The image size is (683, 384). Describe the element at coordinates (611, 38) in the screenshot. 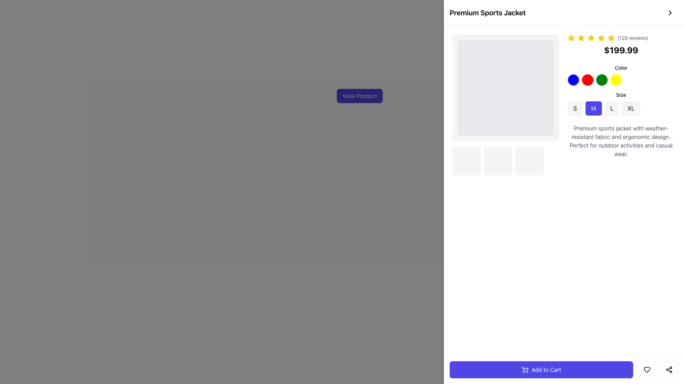

I see `the fifth yellow star icon, which represents the highest rating in a five-star rating system, positioned above the price '$199.99' and next to '(128 reviews)'` at that location.